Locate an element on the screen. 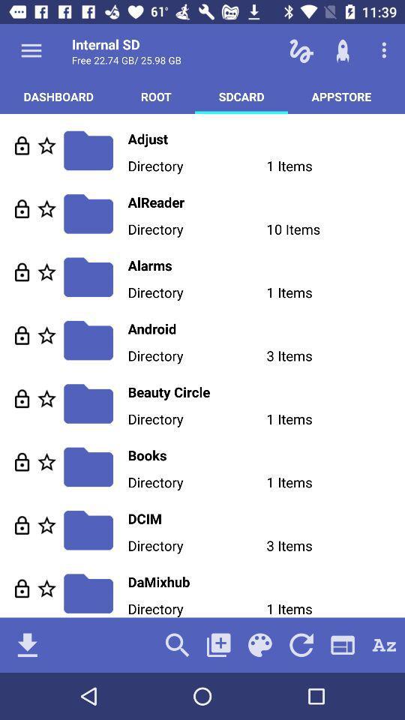 This screenshot has height=720, width=405. lock folder is located at coordinates (21, 588).